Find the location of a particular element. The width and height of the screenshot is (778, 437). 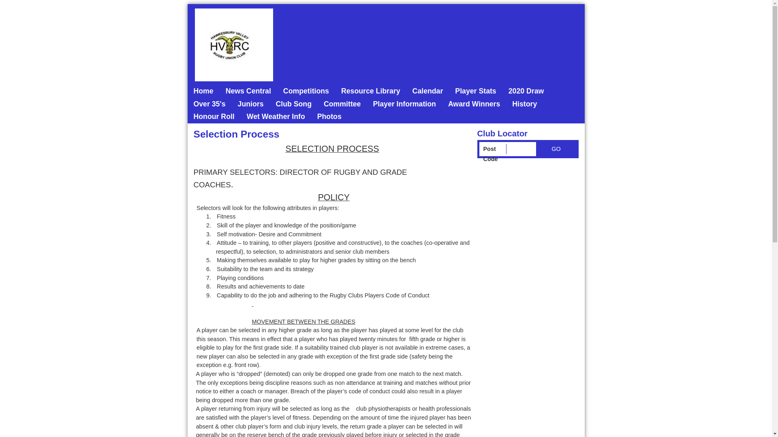

'Player Stats' is located at coordinates (475, 91).